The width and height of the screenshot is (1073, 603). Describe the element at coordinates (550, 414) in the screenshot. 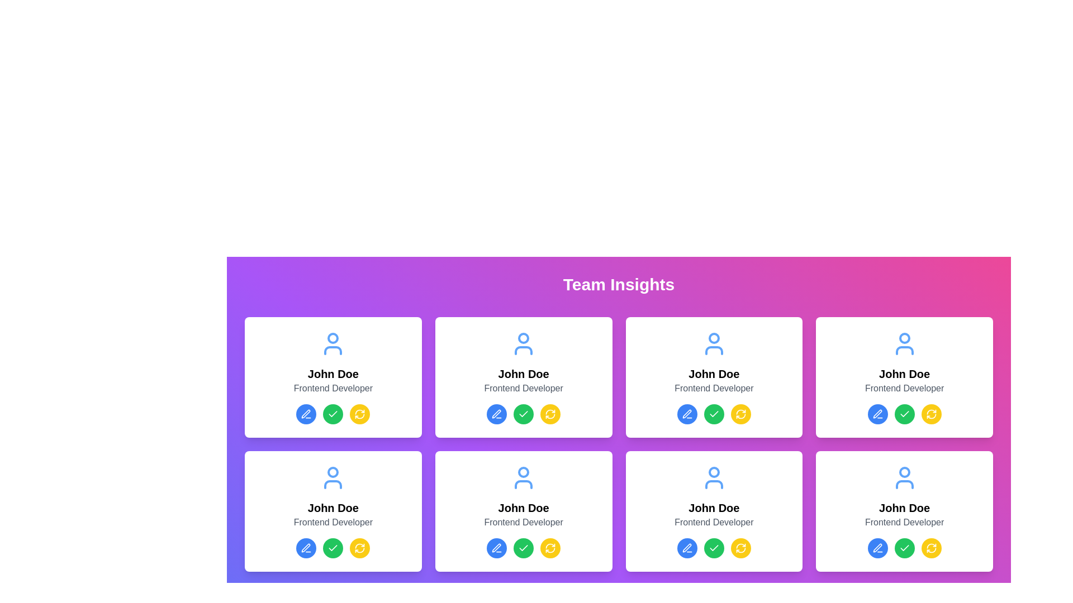

I see `the circular yellow refresh icon button with a loop symbol` at that location.